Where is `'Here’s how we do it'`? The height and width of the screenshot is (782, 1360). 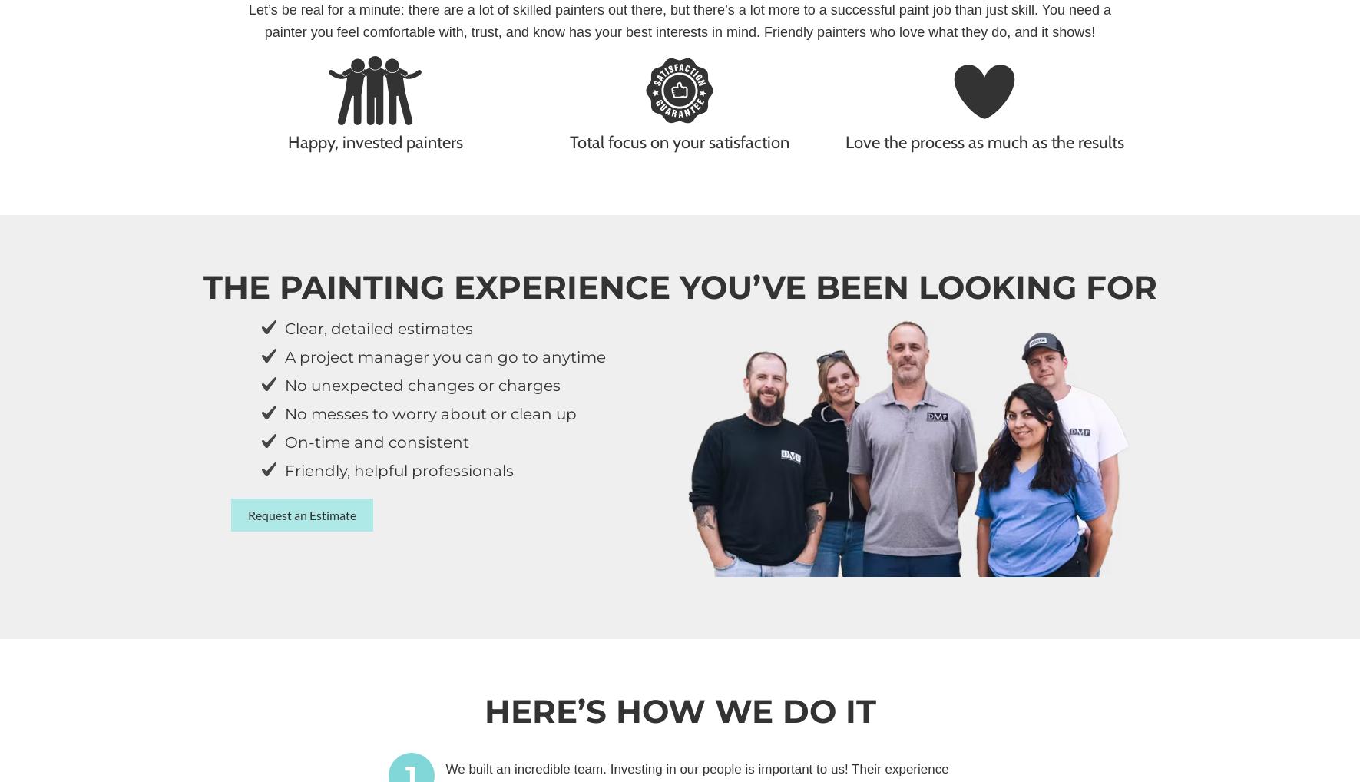 'Here’s how we do it' is located at coordinates (678, 710).